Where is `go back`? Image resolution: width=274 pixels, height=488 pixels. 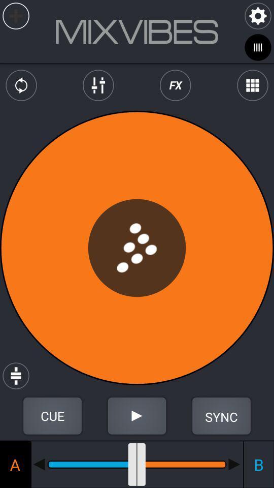 go back is located at coordinates (39, 464).